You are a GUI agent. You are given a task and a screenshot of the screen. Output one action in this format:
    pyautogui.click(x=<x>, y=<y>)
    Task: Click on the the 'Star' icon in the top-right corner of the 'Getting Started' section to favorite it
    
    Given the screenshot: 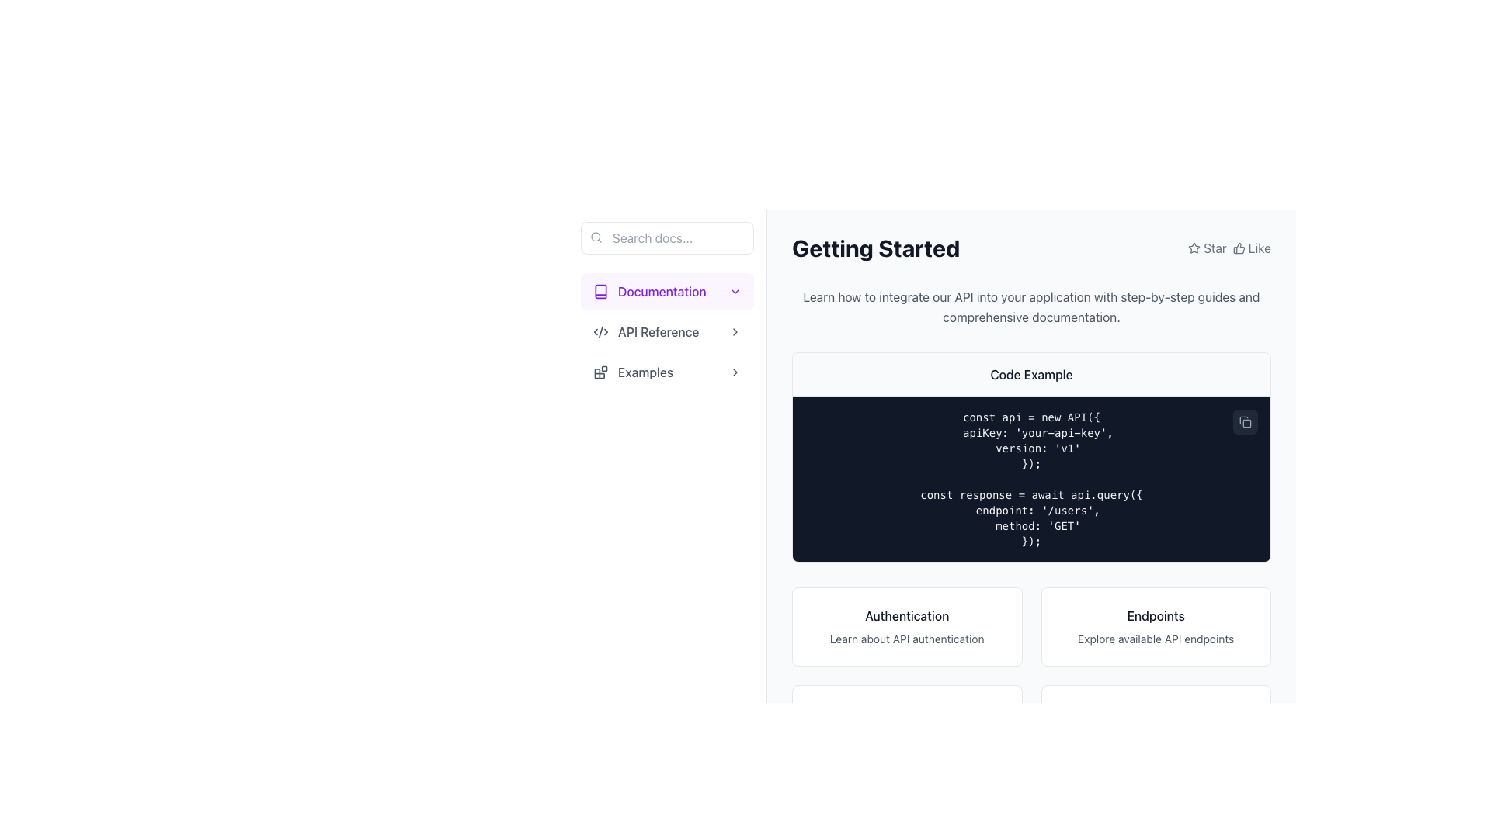 What is the action you would take?
    pyautogui.click(x=1229, y=248)
    